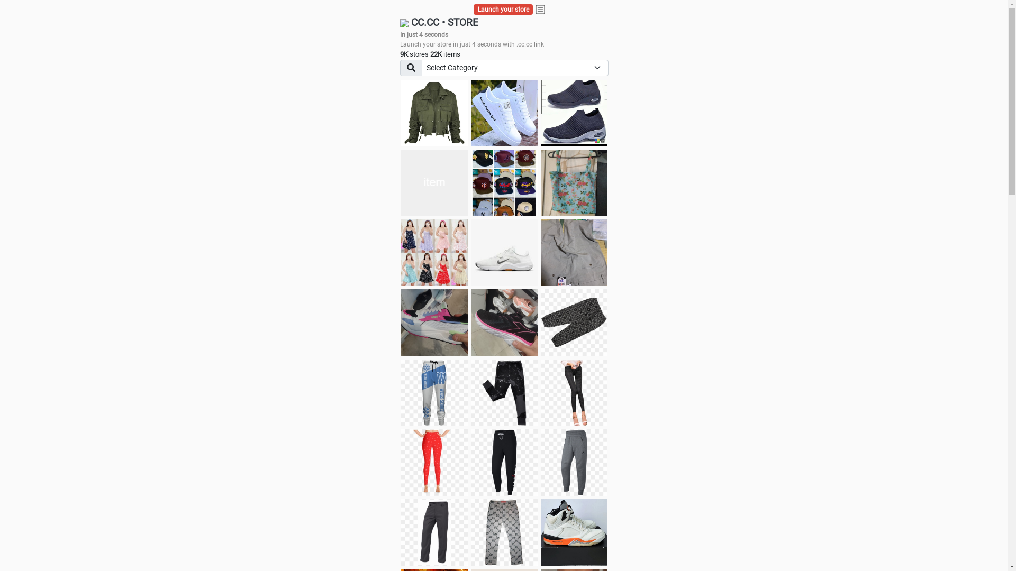  Describe the element at coordinates (573, 532) in the screenshot. I see `'Shoe'` at that location.